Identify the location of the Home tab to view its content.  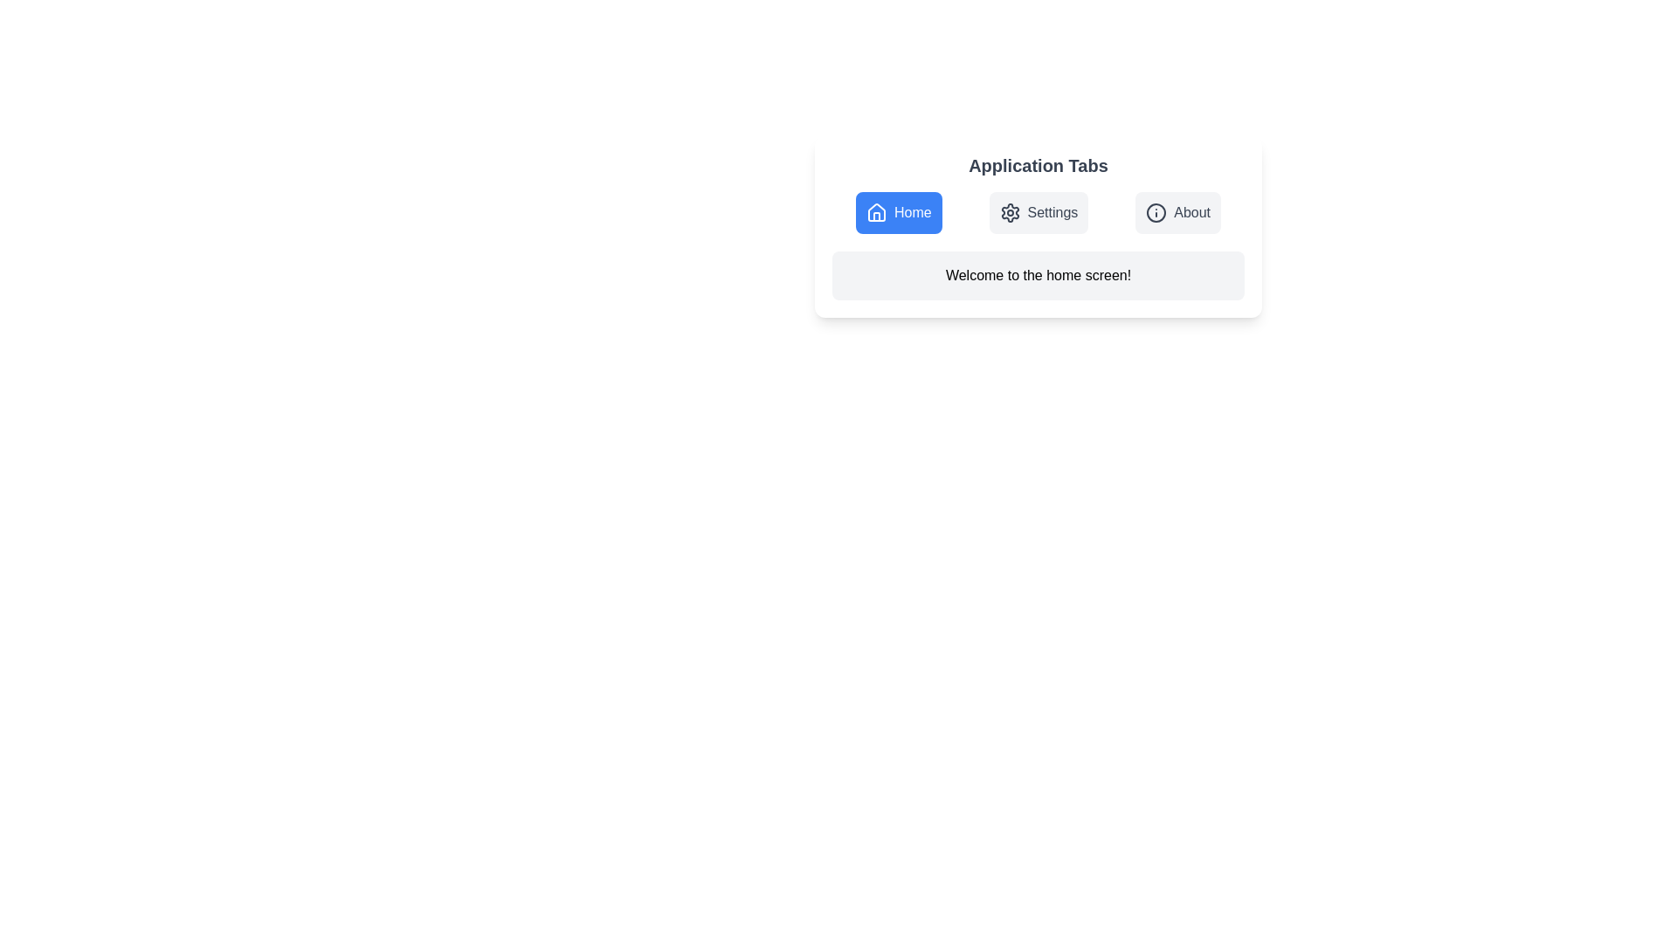
(898, 211).